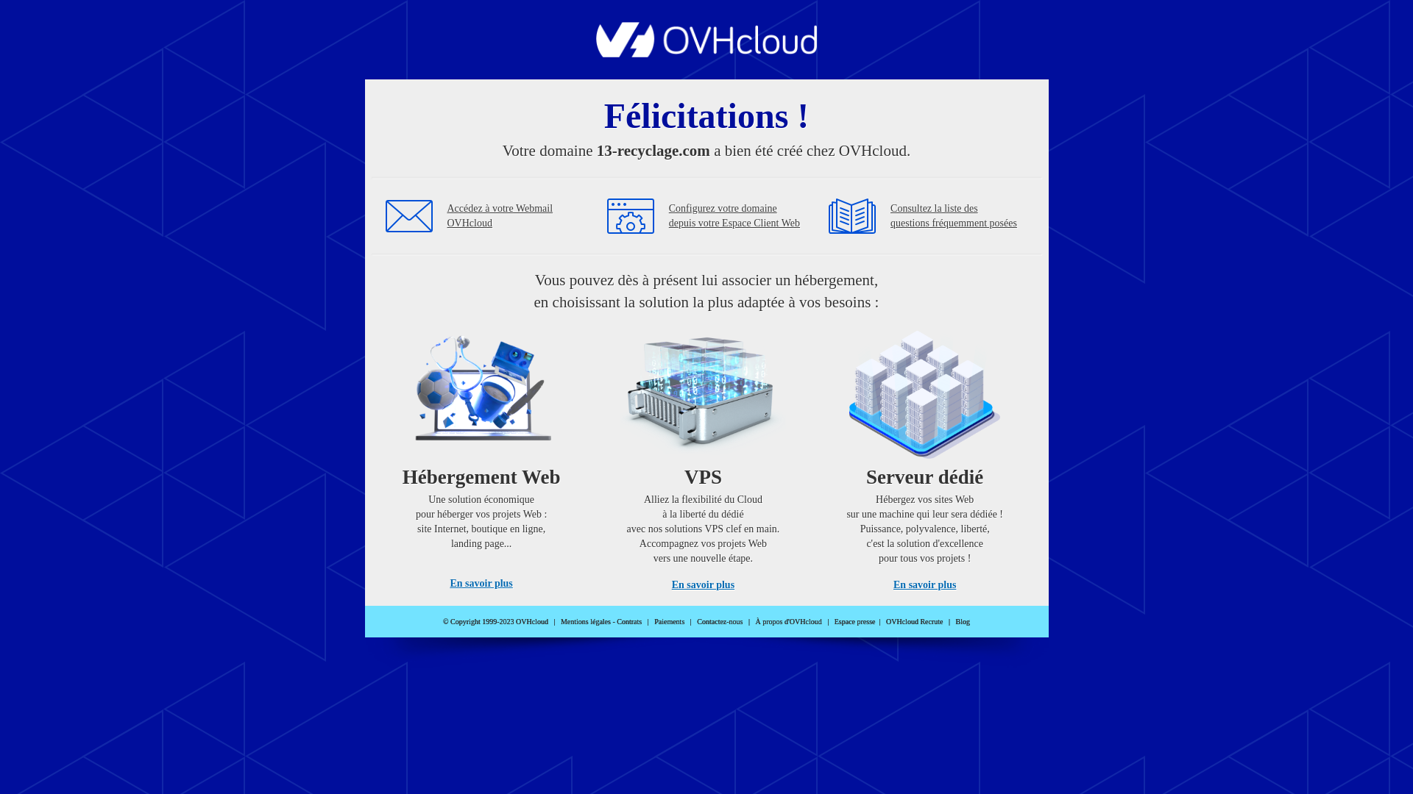 The image size is (1413, 794). Describe the element at coordinates (706, 52) in the screenshot. I see `'OVHcloud'` at that location.